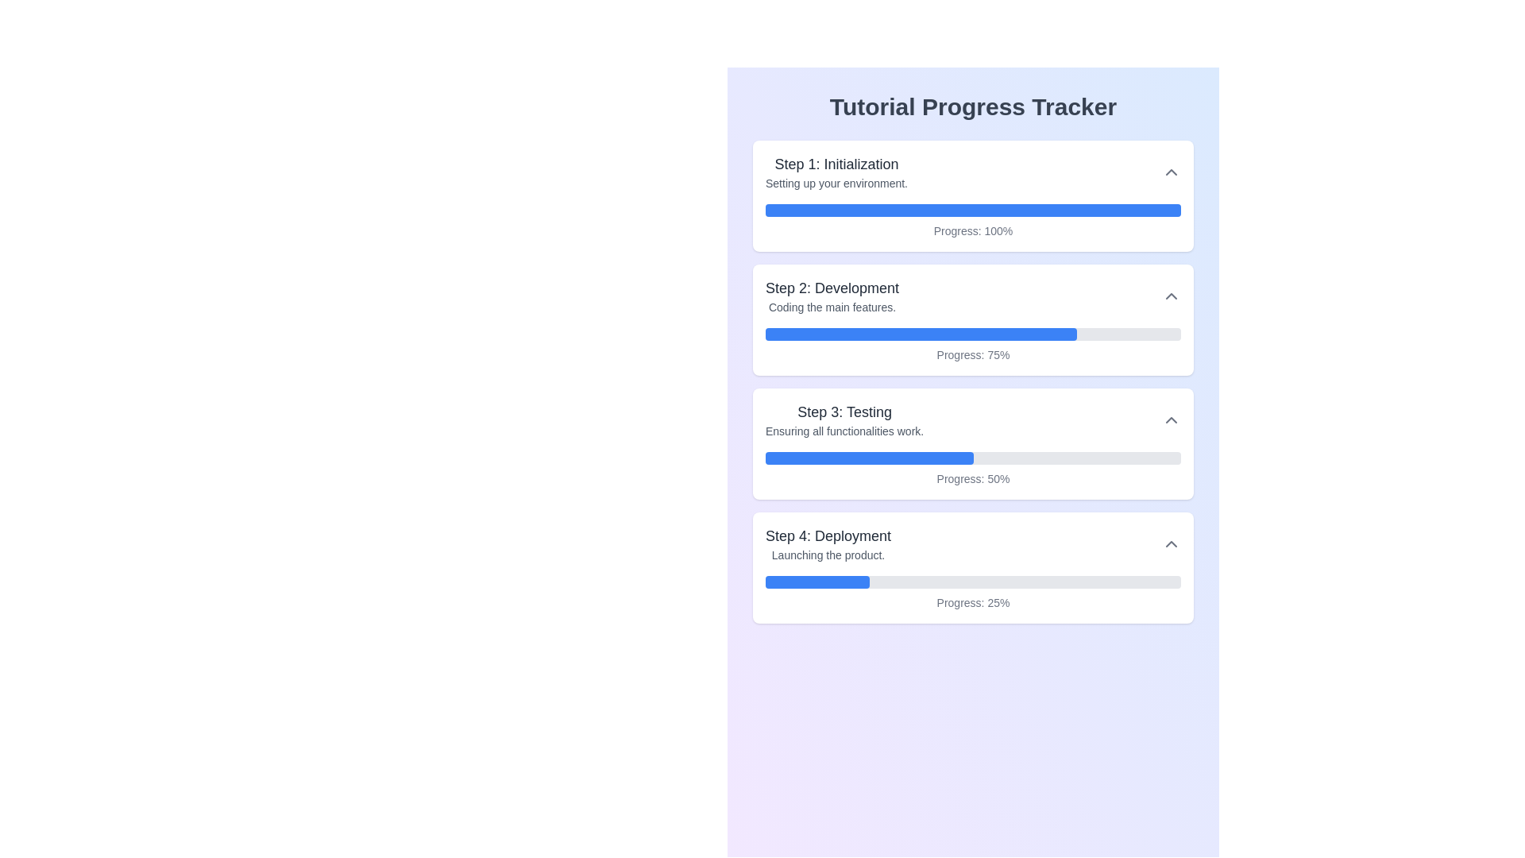  I want to click on the text heading styled as 'Step 1: Initialization', which is the primary title for the first step in the multi-step progress tracker, so click(836, 164).